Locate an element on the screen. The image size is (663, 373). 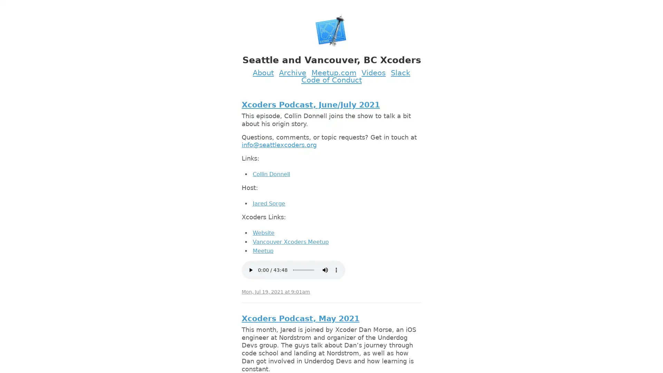
play is located at coordinates (250, 269).